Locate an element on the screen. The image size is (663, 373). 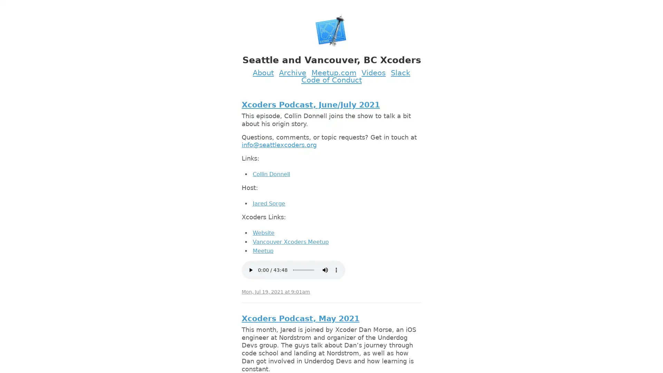
play is located at coordinates (250, 269).